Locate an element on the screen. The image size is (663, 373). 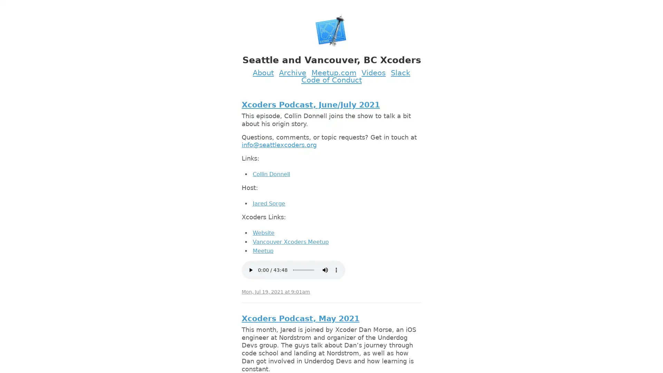
play is located at coordinates (250, 269).